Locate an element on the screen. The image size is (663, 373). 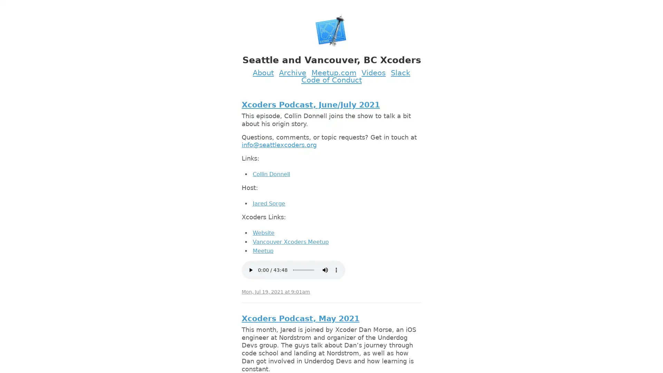
play is located at coordinates (250, 269).